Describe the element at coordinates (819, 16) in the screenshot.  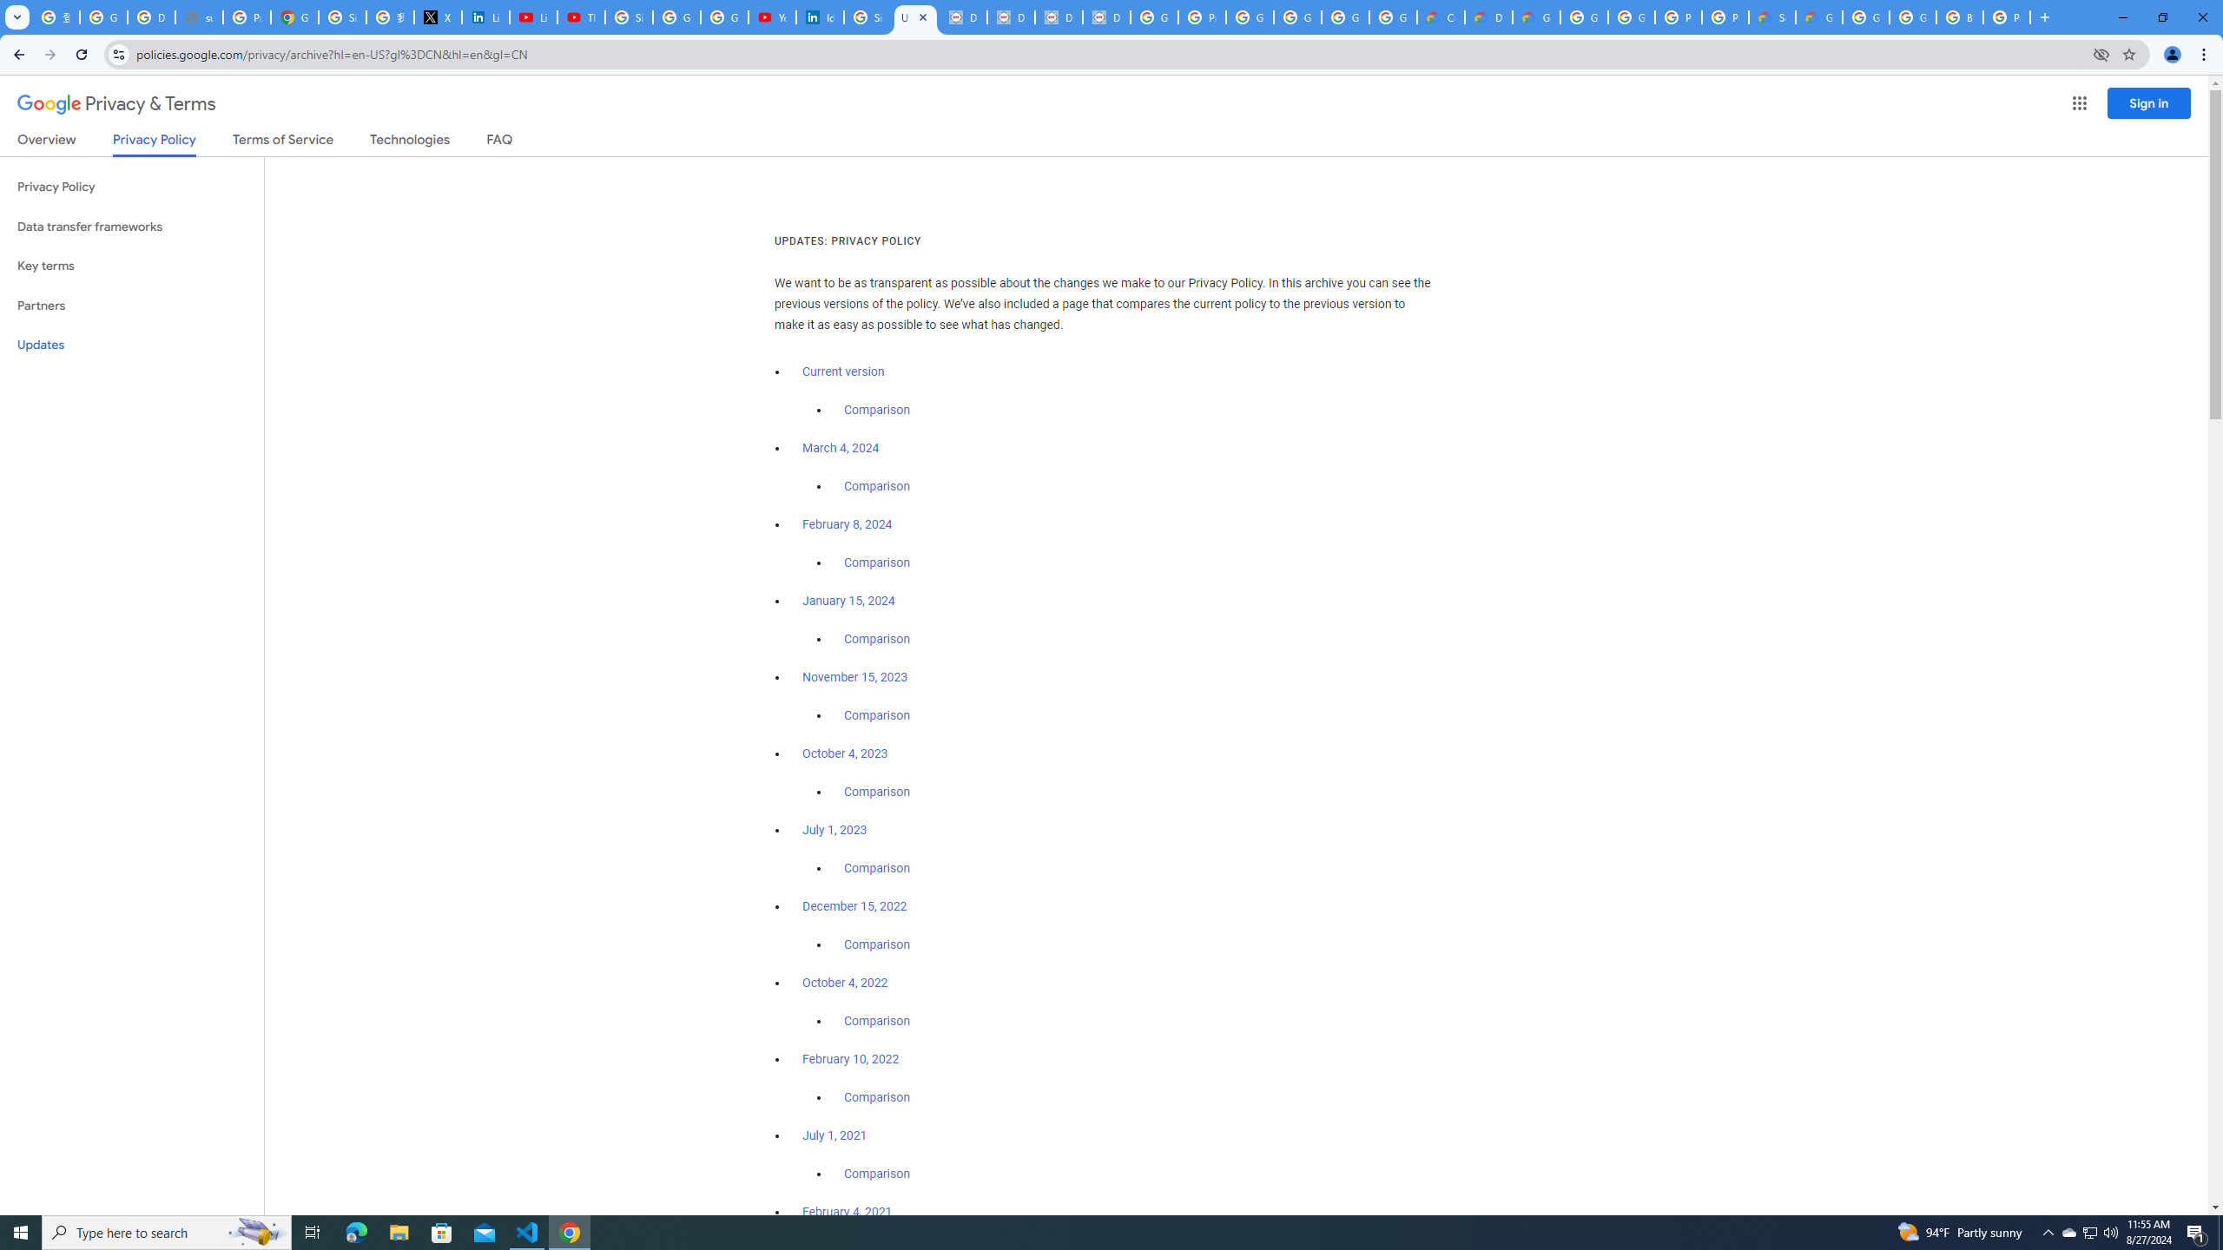
I see `'Identity verification via Persona | LinkedIn Help'` at that location.